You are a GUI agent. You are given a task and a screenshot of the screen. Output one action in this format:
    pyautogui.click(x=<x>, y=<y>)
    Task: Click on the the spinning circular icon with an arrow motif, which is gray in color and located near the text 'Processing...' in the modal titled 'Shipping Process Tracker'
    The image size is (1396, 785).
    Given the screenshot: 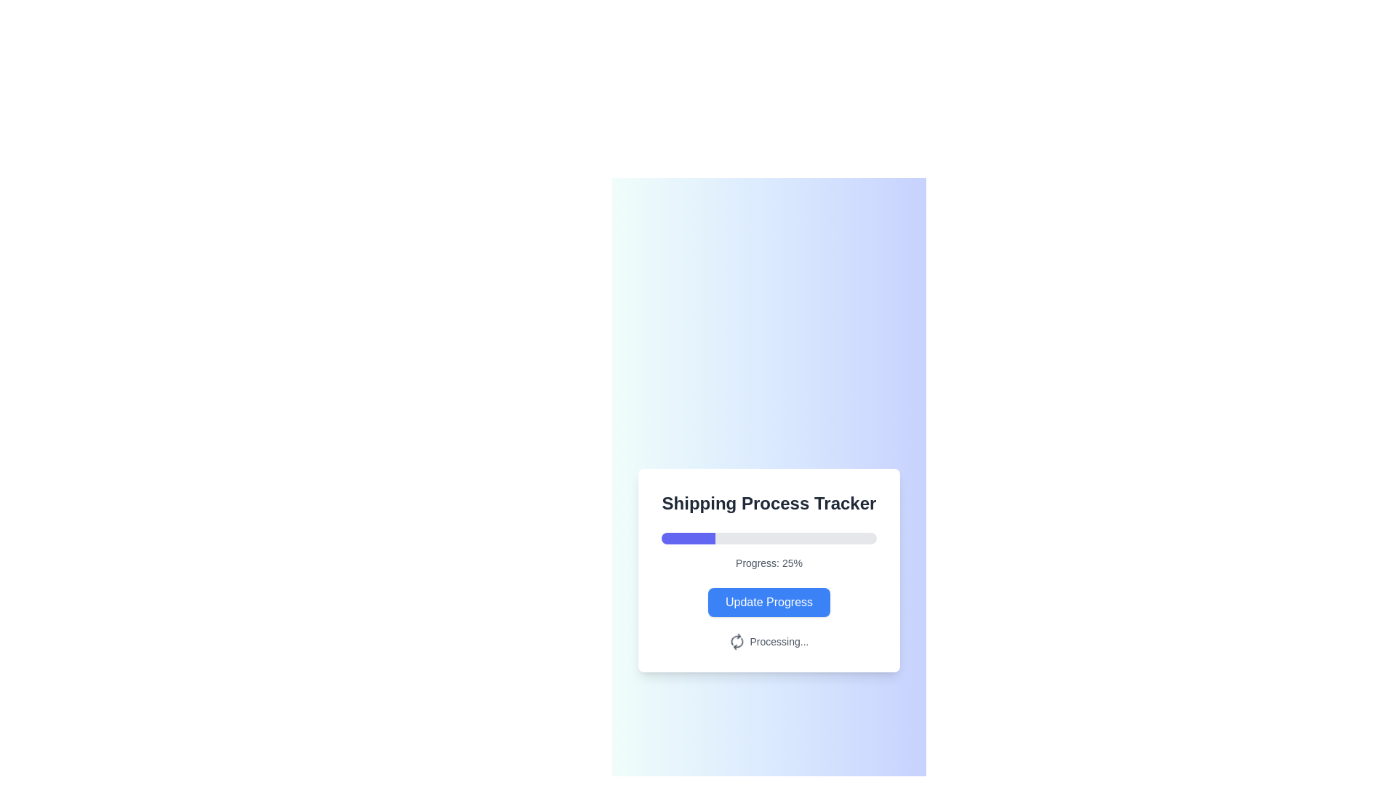 What is the action you would take?
    pyautogui.click(x=737, y=641)
    